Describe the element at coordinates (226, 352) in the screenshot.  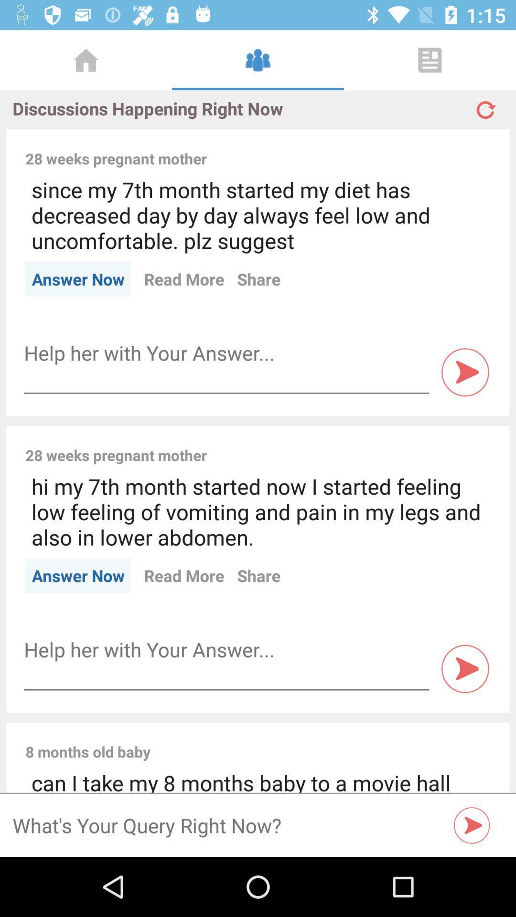
I see `write the answer and go to the next` at that location.